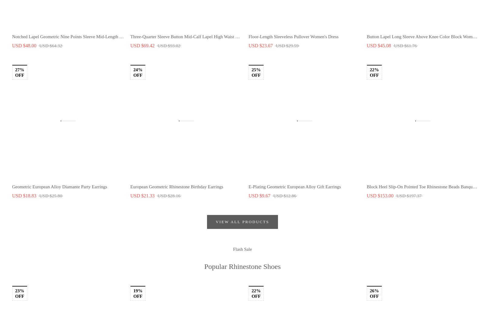 The height and width of the screenshot is (322, 485). Describe the element at coordinates (42, 183) in the screenshot. I see `'TERMS AND CONDITIONS'` at that location.